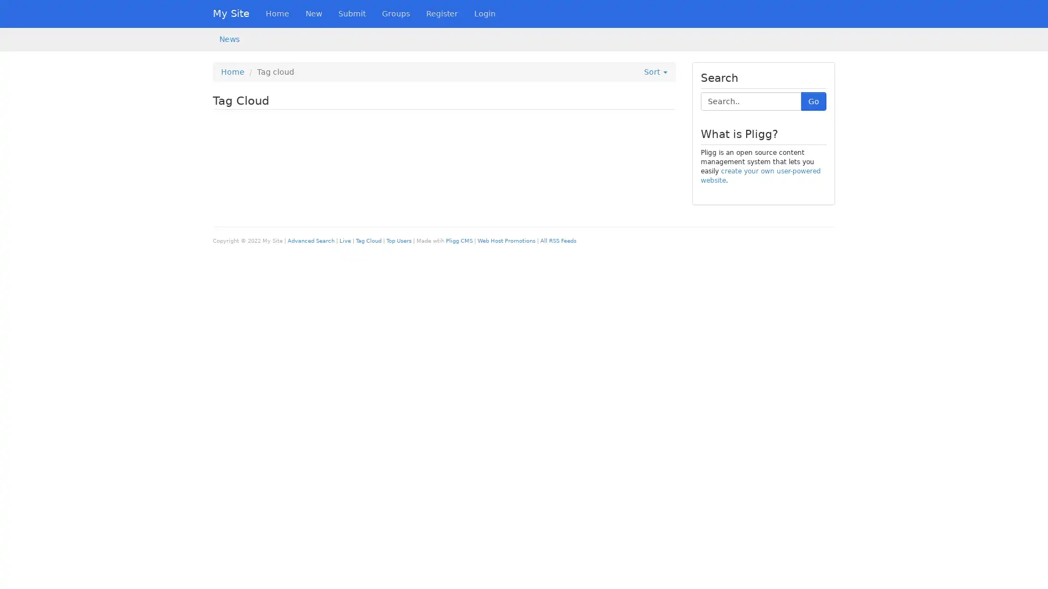 Image resolution: width=1048 pixels, height=589 pixels. Describe the element at coordinates (814, 101) in the screenshot. I see `Go` at that location.